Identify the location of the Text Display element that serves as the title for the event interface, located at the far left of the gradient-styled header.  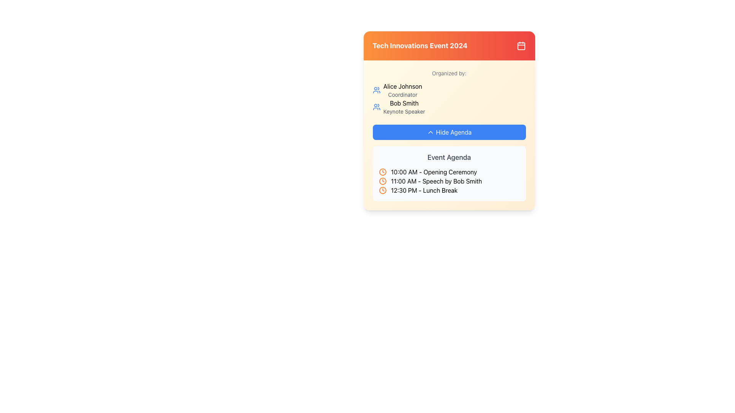
(420, 46).